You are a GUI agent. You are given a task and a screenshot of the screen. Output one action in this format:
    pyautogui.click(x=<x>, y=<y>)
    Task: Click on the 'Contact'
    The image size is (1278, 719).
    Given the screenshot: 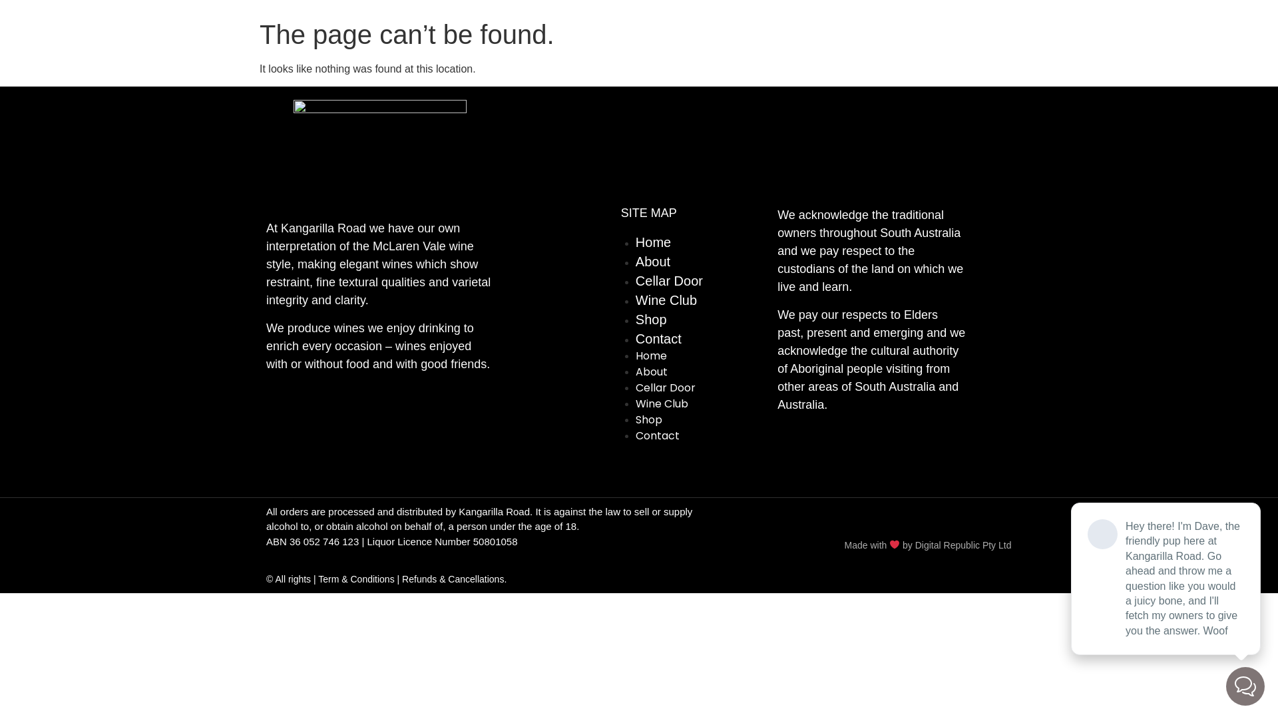 What is the action you would take?
    pyautogui.click(x=658, y=338)
    